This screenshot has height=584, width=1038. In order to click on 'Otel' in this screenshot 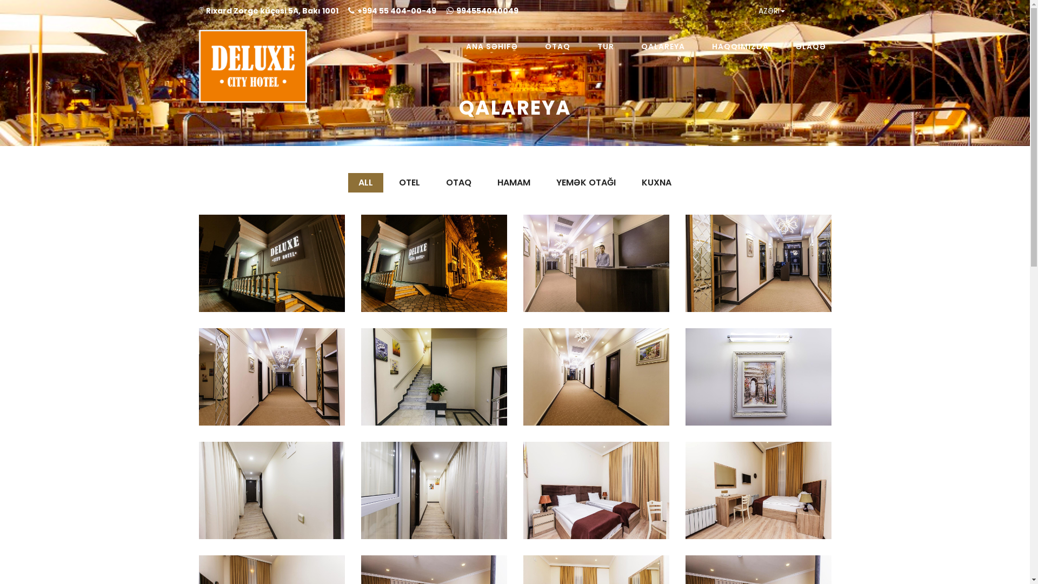, I will do `click(596, 263)`.